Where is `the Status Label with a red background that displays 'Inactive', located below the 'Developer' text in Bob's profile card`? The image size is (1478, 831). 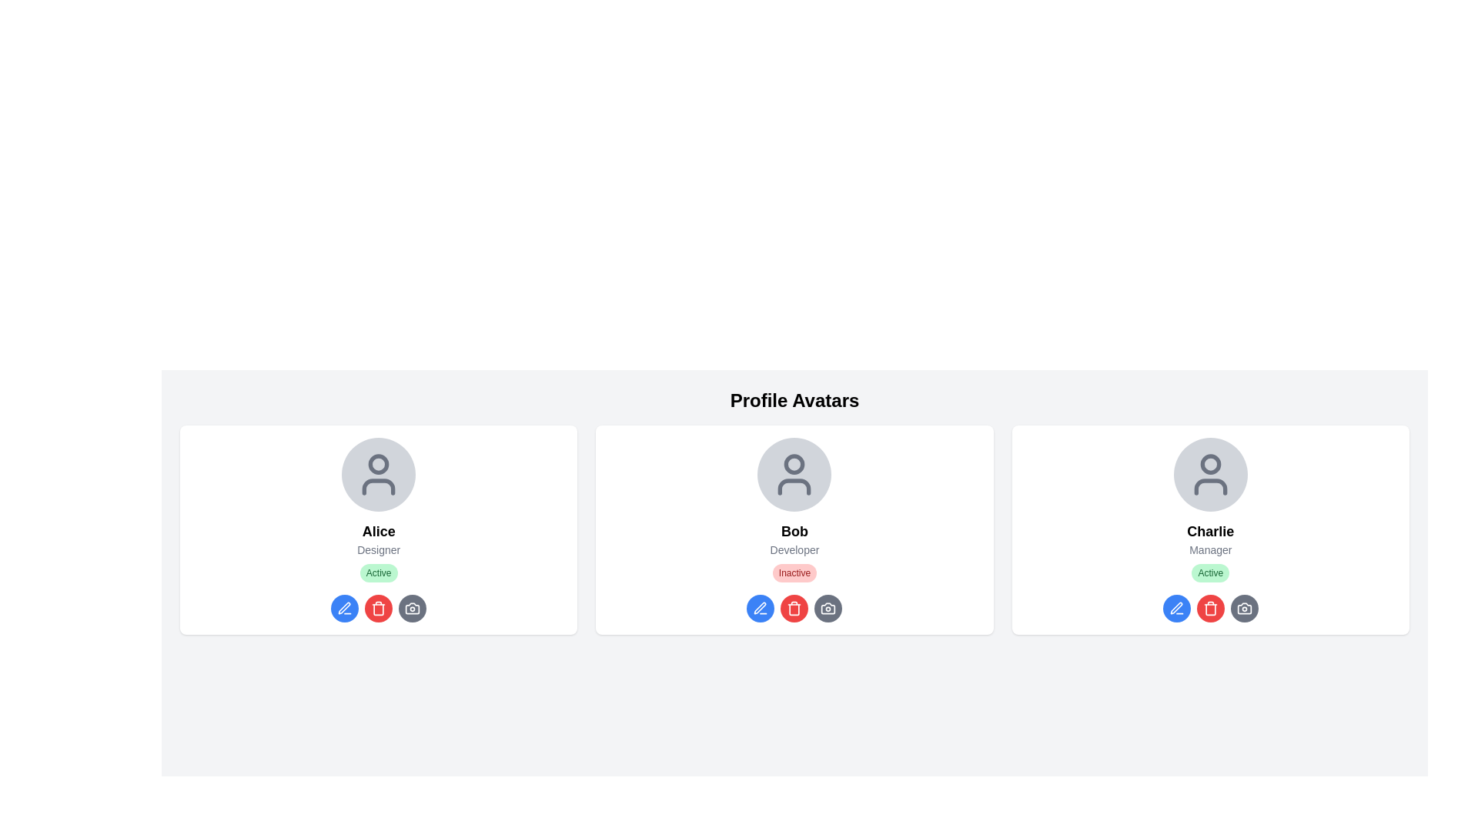 the Status Label with a red background that displays 'Inactive', located below the 'Developer' text in Bob's profile card is located at coordinates (794, 572).